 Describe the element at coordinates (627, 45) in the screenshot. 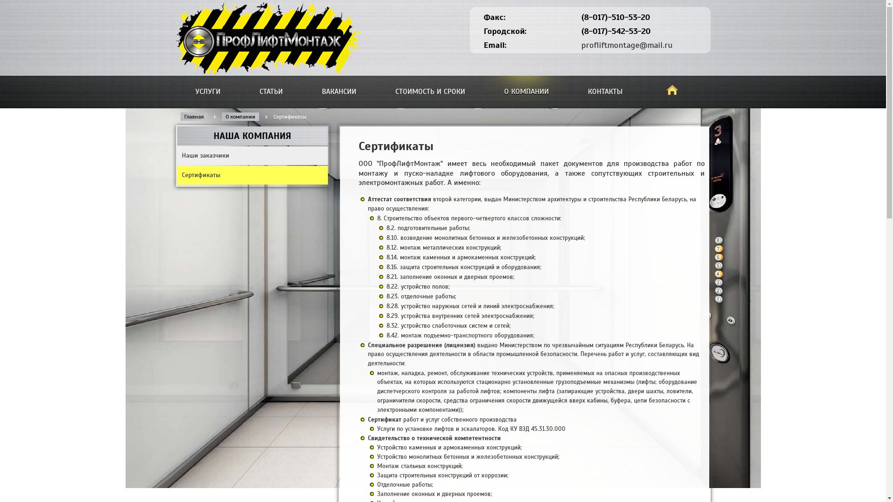

I see `'profliftmontage@mail.ru'` at that location.